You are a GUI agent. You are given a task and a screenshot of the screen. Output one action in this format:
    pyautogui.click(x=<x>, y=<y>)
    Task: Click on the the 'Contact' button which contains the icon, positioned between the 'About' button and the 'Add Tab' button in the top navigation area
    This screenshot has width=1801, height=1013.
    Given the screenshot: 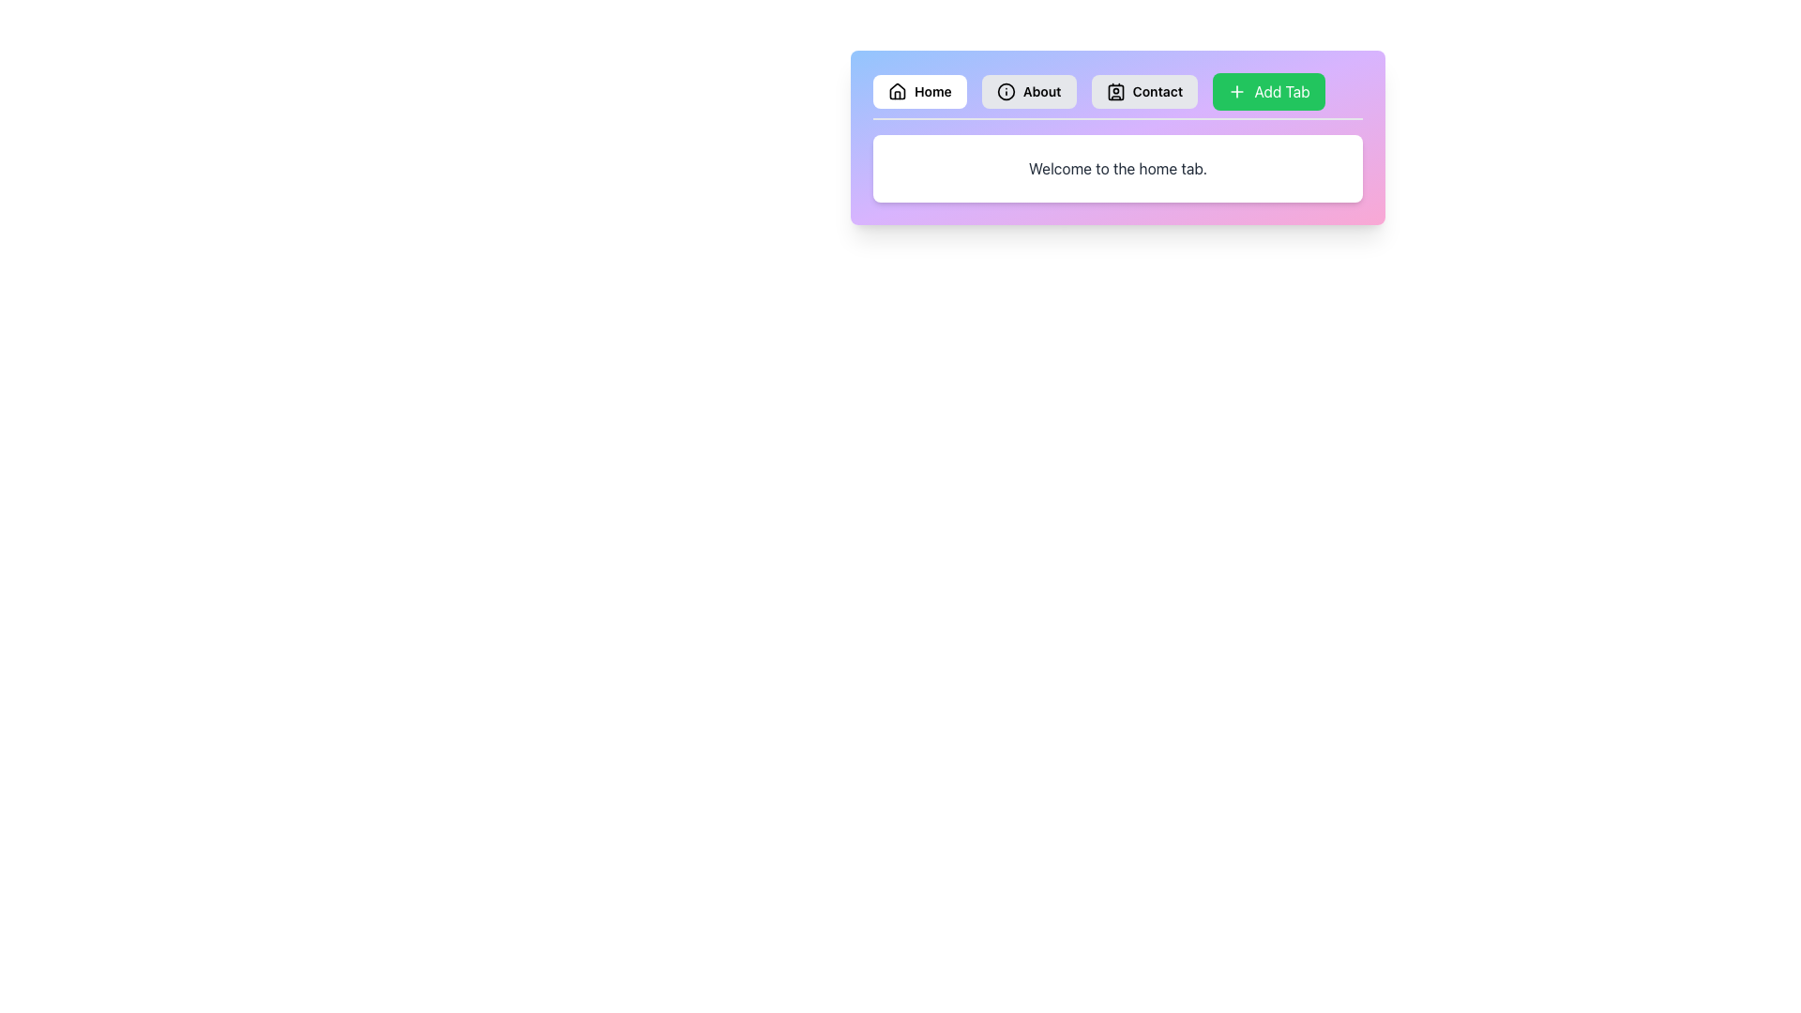 What is the action you would take?
    pyautogui.click(x=1115, y=91)
    